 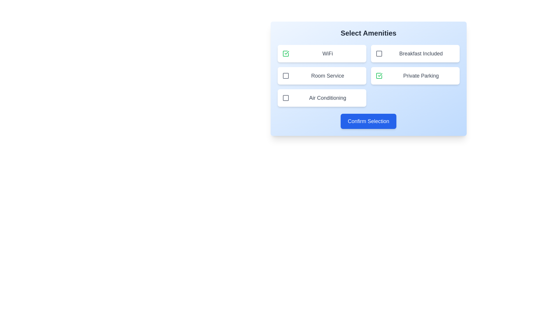 I want to click on the 'Room Service' text label, which is styled in a large gray font within a white rounded rectangular box, located in the lower left quadrant of the 'Select Amenities' interface, so click(x=328, y=75).